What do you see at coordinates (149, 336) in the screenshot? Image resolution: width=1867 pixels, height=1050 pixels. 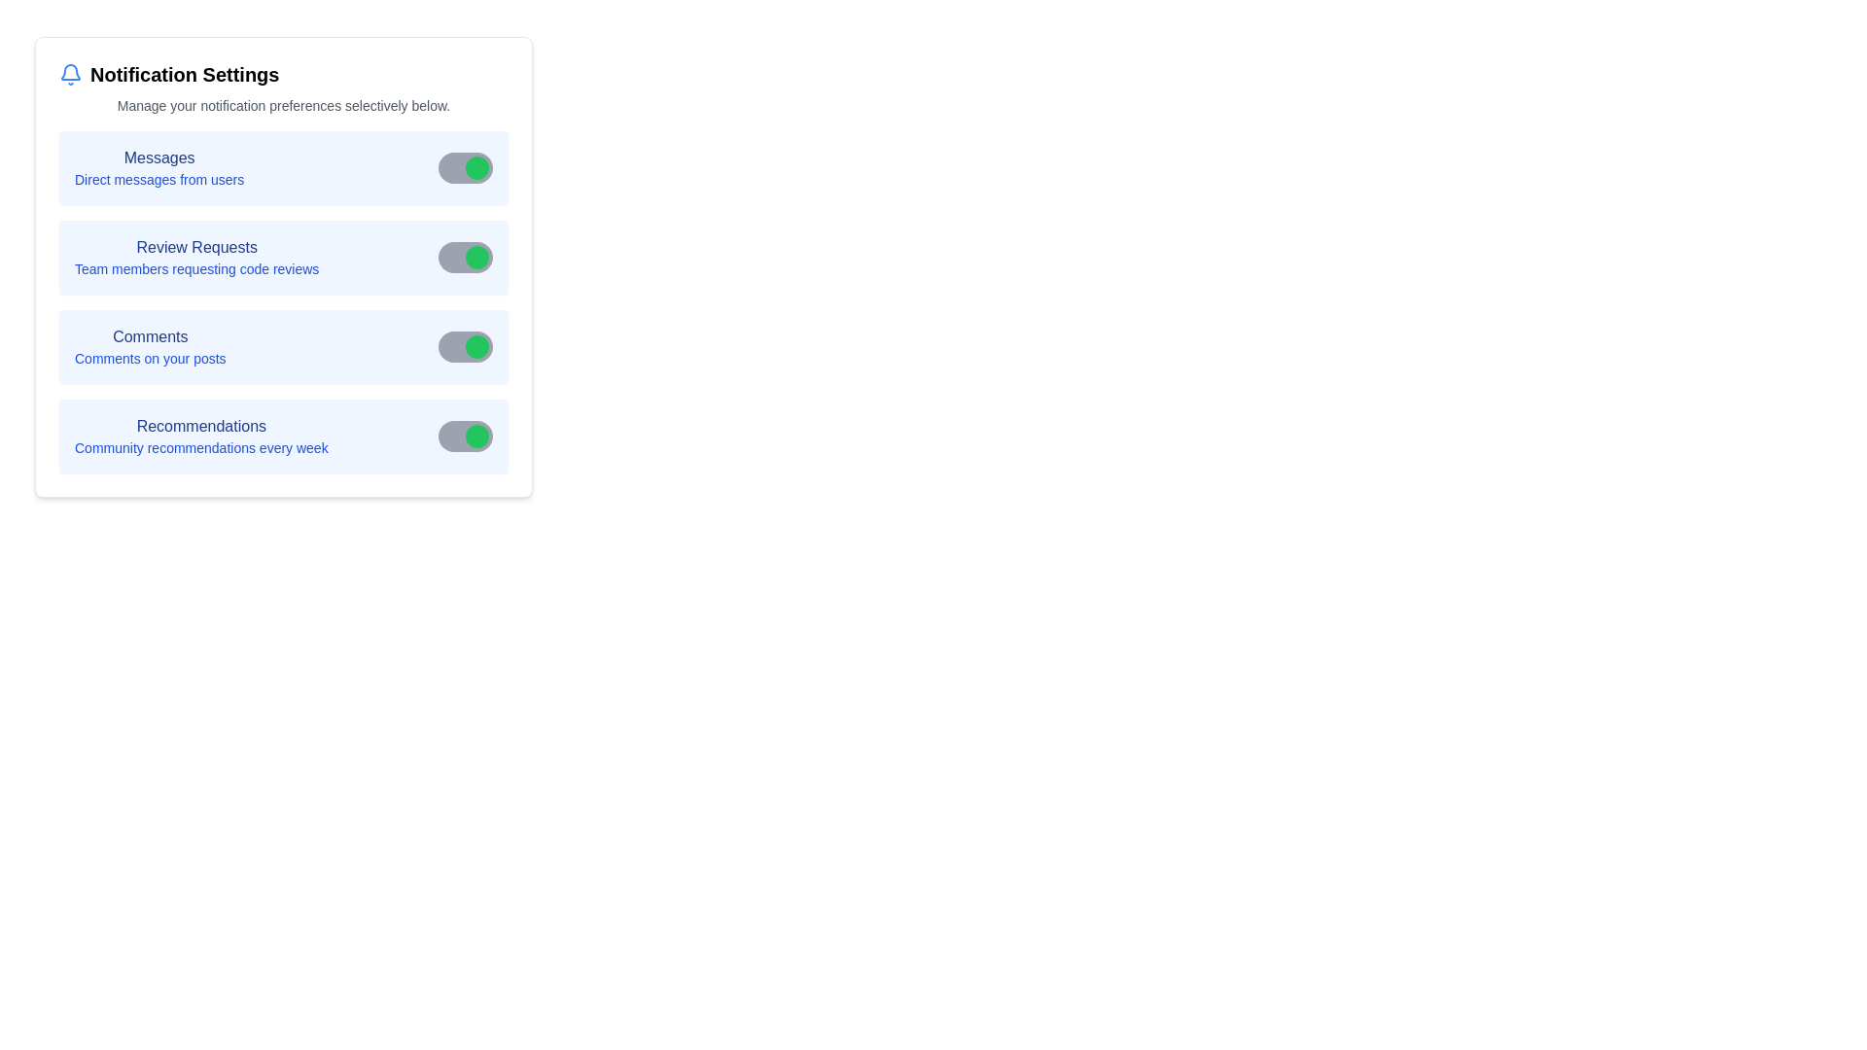 I see `the Text Label that identifies the setting for managing comment notifications, located in the third row of options within the 'Notification Settings' card, directly above 'Comments on your posts'` at bounding box center [149, 336].